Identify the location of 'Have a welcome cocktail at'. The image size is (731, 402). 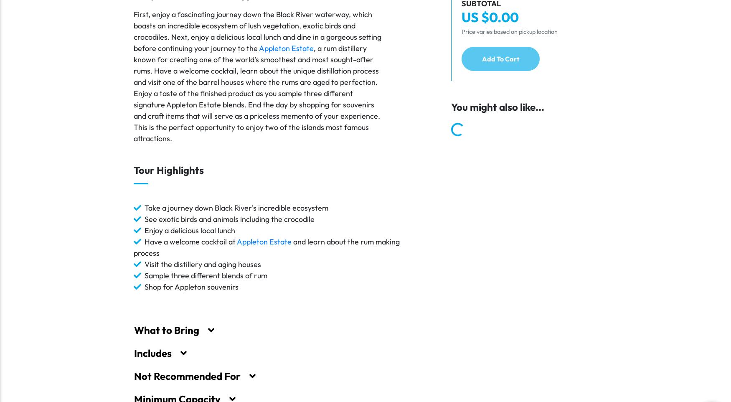
(190, 241).